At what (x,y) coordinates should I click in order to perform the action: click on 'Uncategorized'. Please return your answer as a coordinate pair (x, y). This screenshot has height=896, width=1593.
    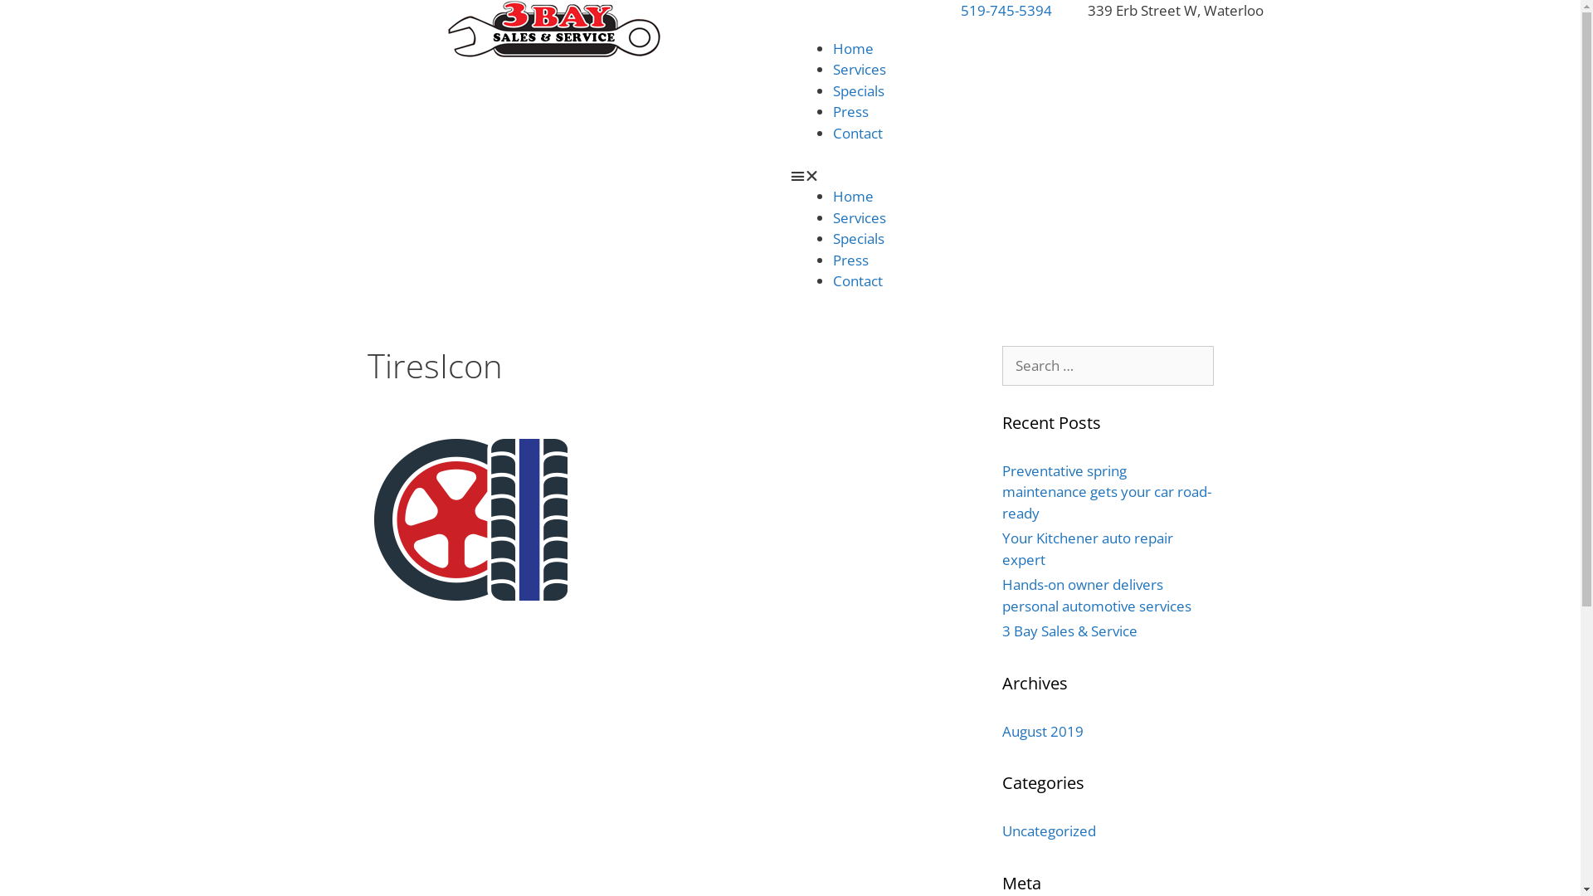
    Looking at the image, I should click on (1001, 830).